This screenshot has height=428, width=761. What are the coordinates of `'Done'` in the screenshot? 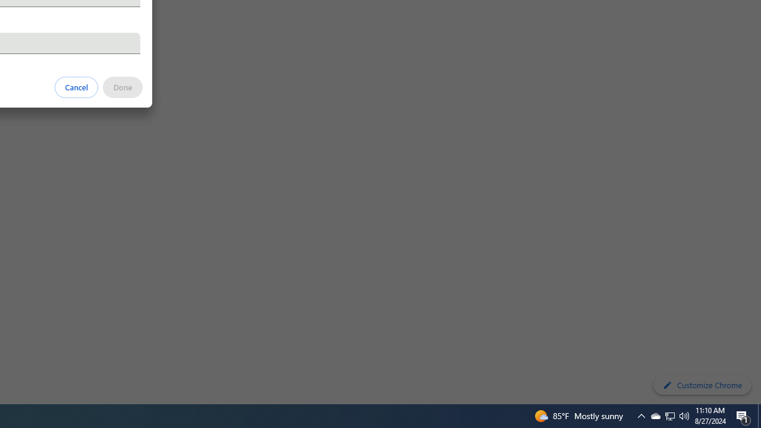 It's located at (122, 86).